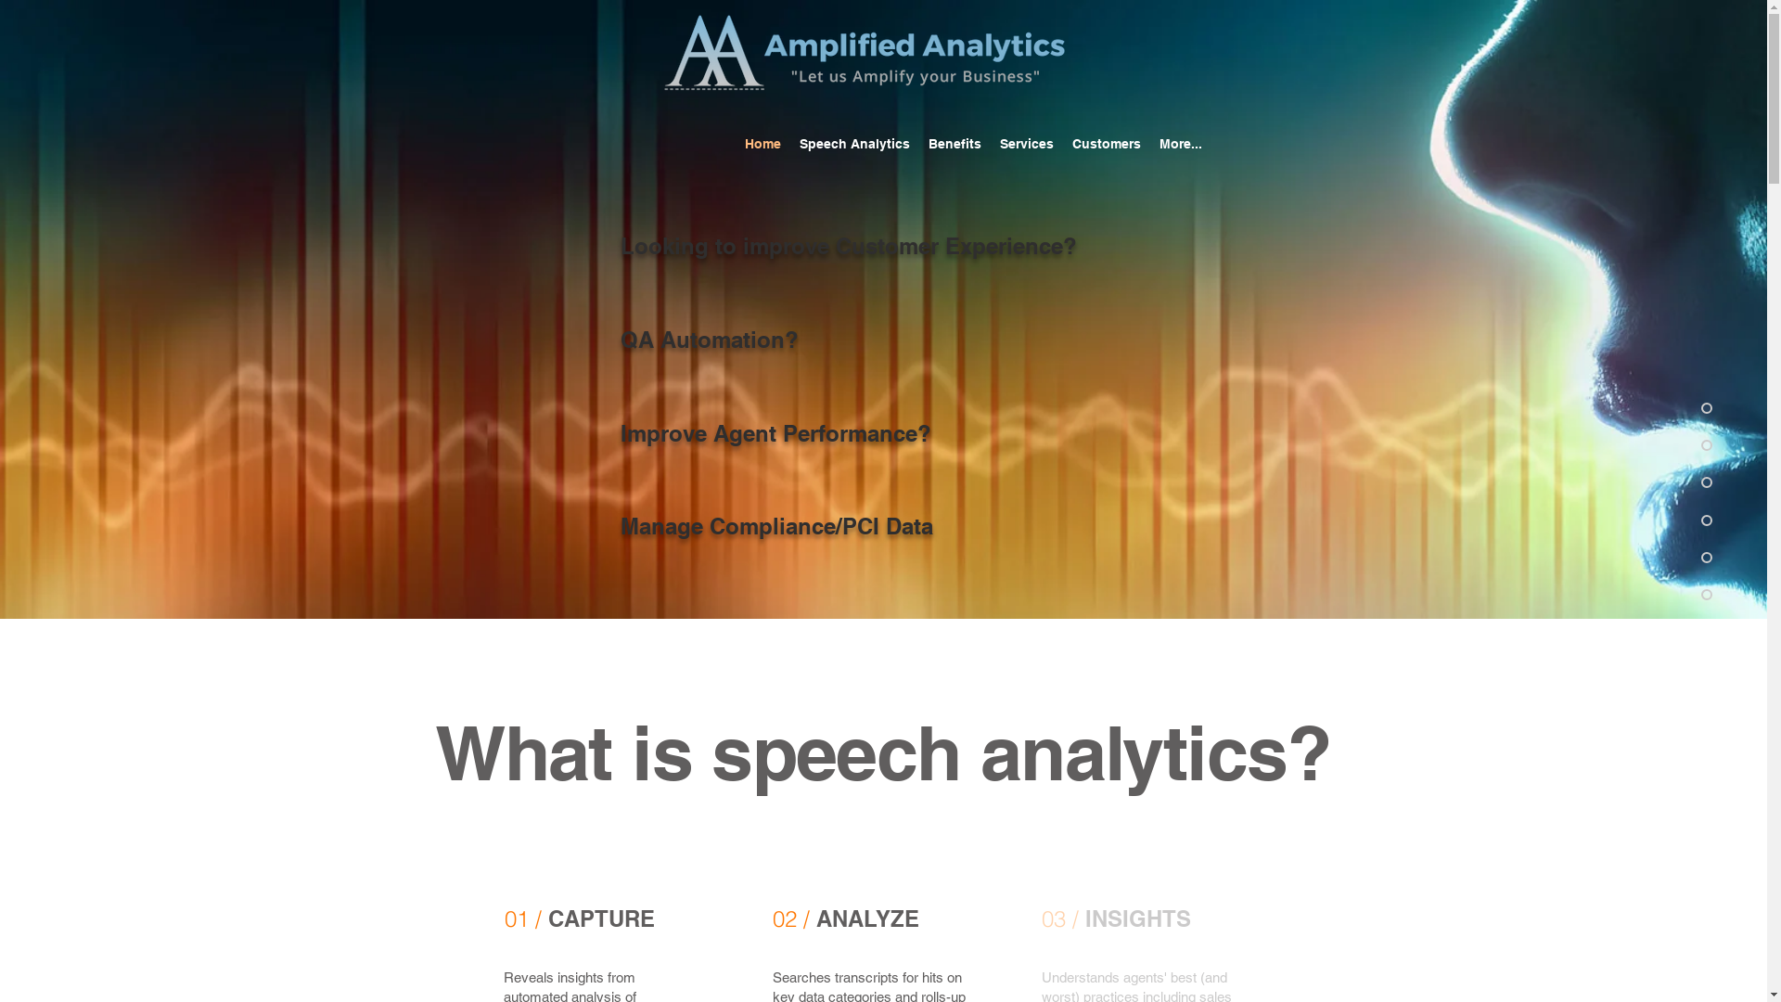 Image resolution: width=1781 pixels, height=1002 pixels. Describe the element at coordinates (1063, 142) in the screenshot. I see `'Customers'` at that location.